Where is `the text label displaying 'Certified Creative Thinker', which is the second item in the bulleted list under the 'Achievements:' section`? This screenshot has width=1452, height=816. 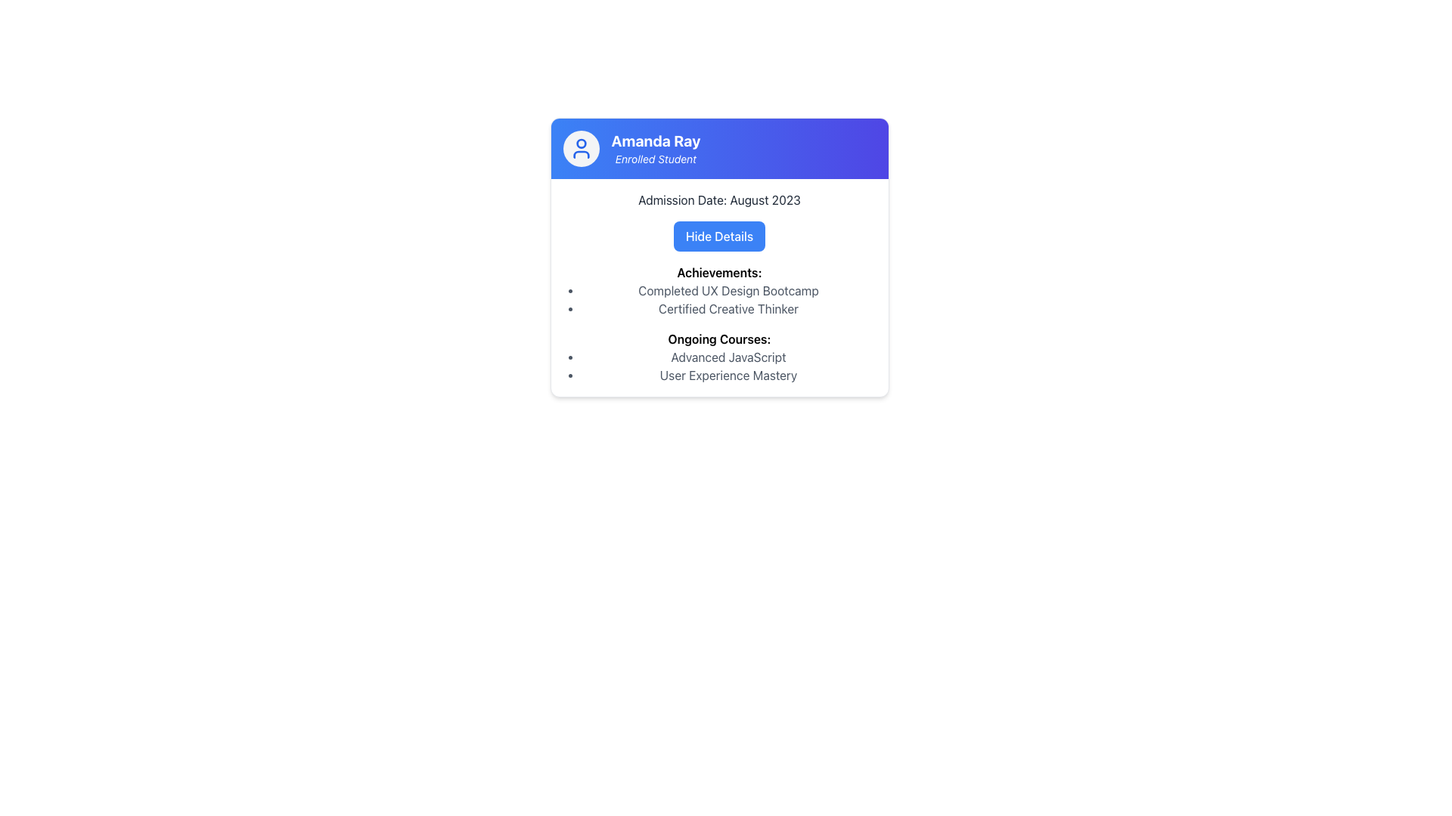 the text label displaying 'Certified Creative Thinker', which is the second item in the bulleted list under the 'Achievements:' section is located at coordinates (728, 308).